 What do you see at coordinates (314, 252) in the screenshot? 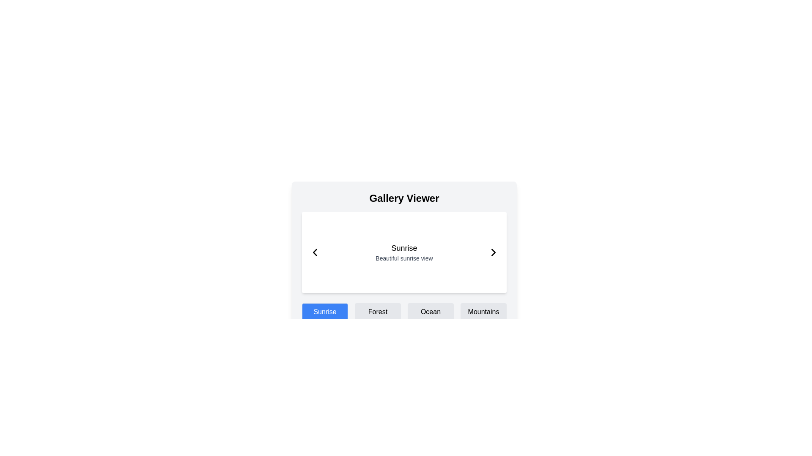
I see `the left-pointing arrow icon button for navigation, which is styled with a black stroke and located within the card-like component containing the text 'Sunrise' and 'Beautiful sunrise view'` at bounding box center [314, 252].